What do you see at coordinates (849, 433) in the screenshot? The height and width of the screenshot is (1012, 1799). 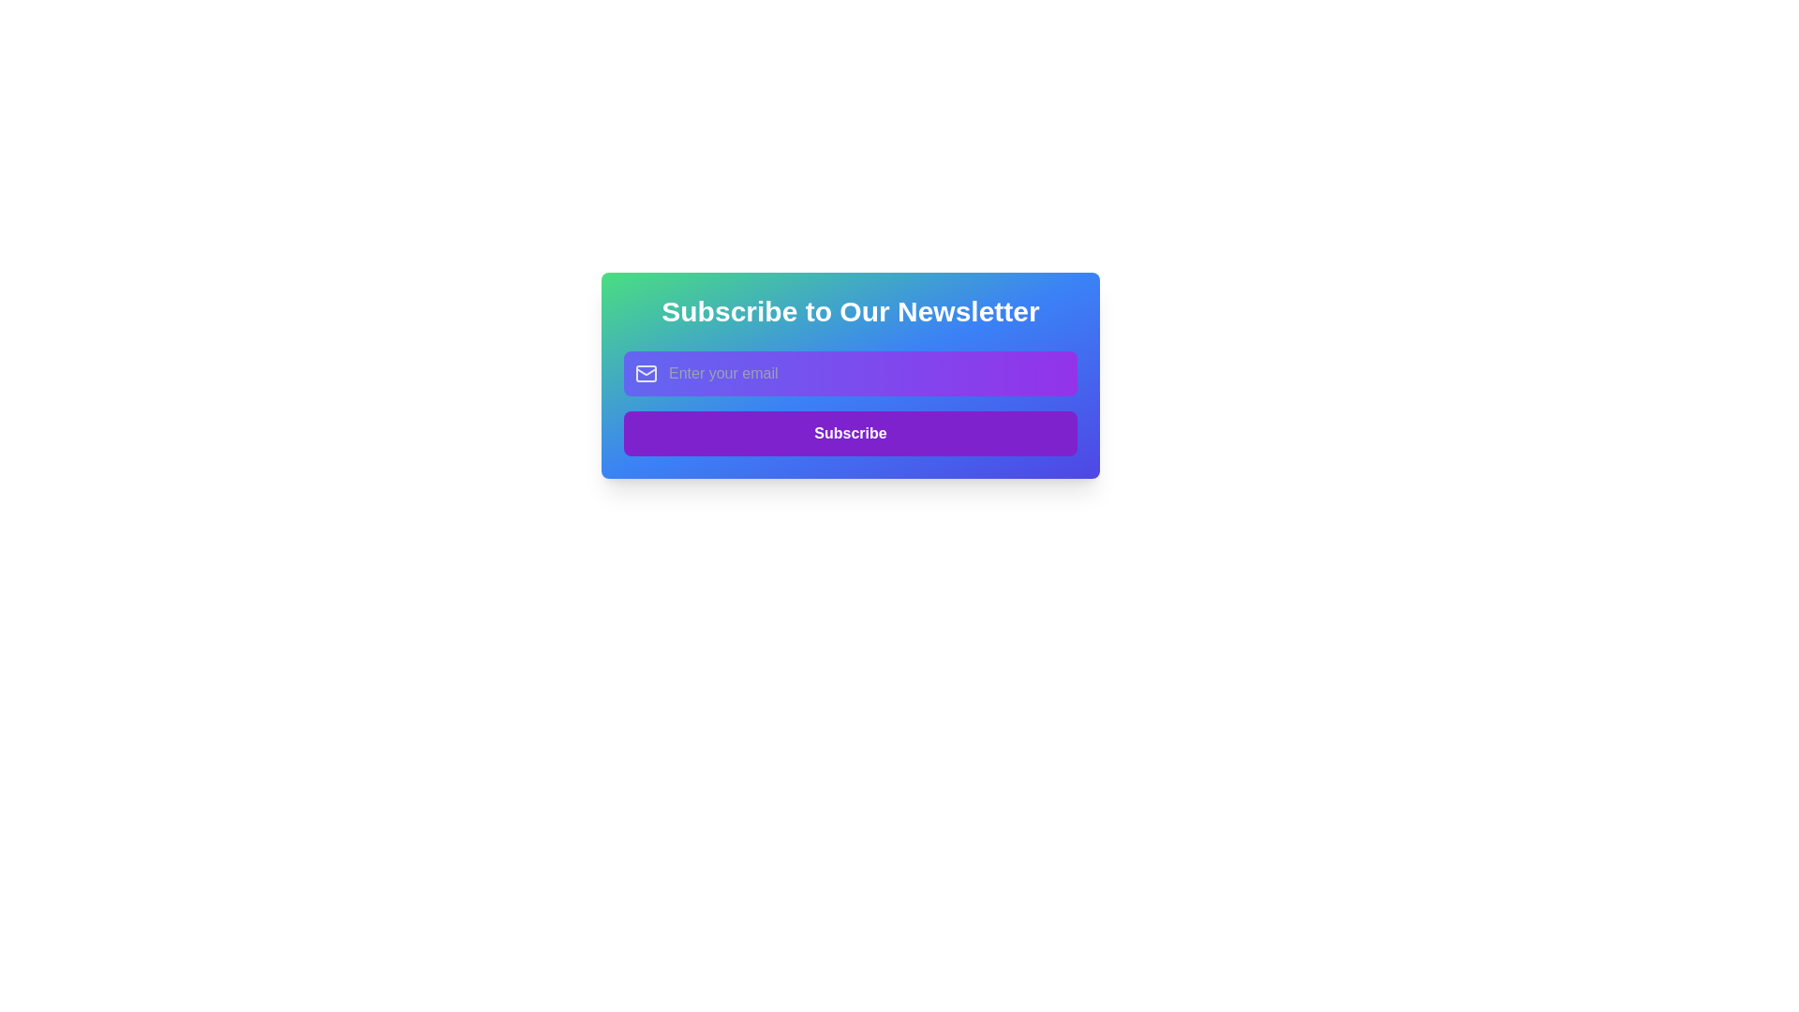 I see `the newsletter subscription button located at the bottom of the subscription box, directly beneath the email input field` at bounding box center [849, 433].